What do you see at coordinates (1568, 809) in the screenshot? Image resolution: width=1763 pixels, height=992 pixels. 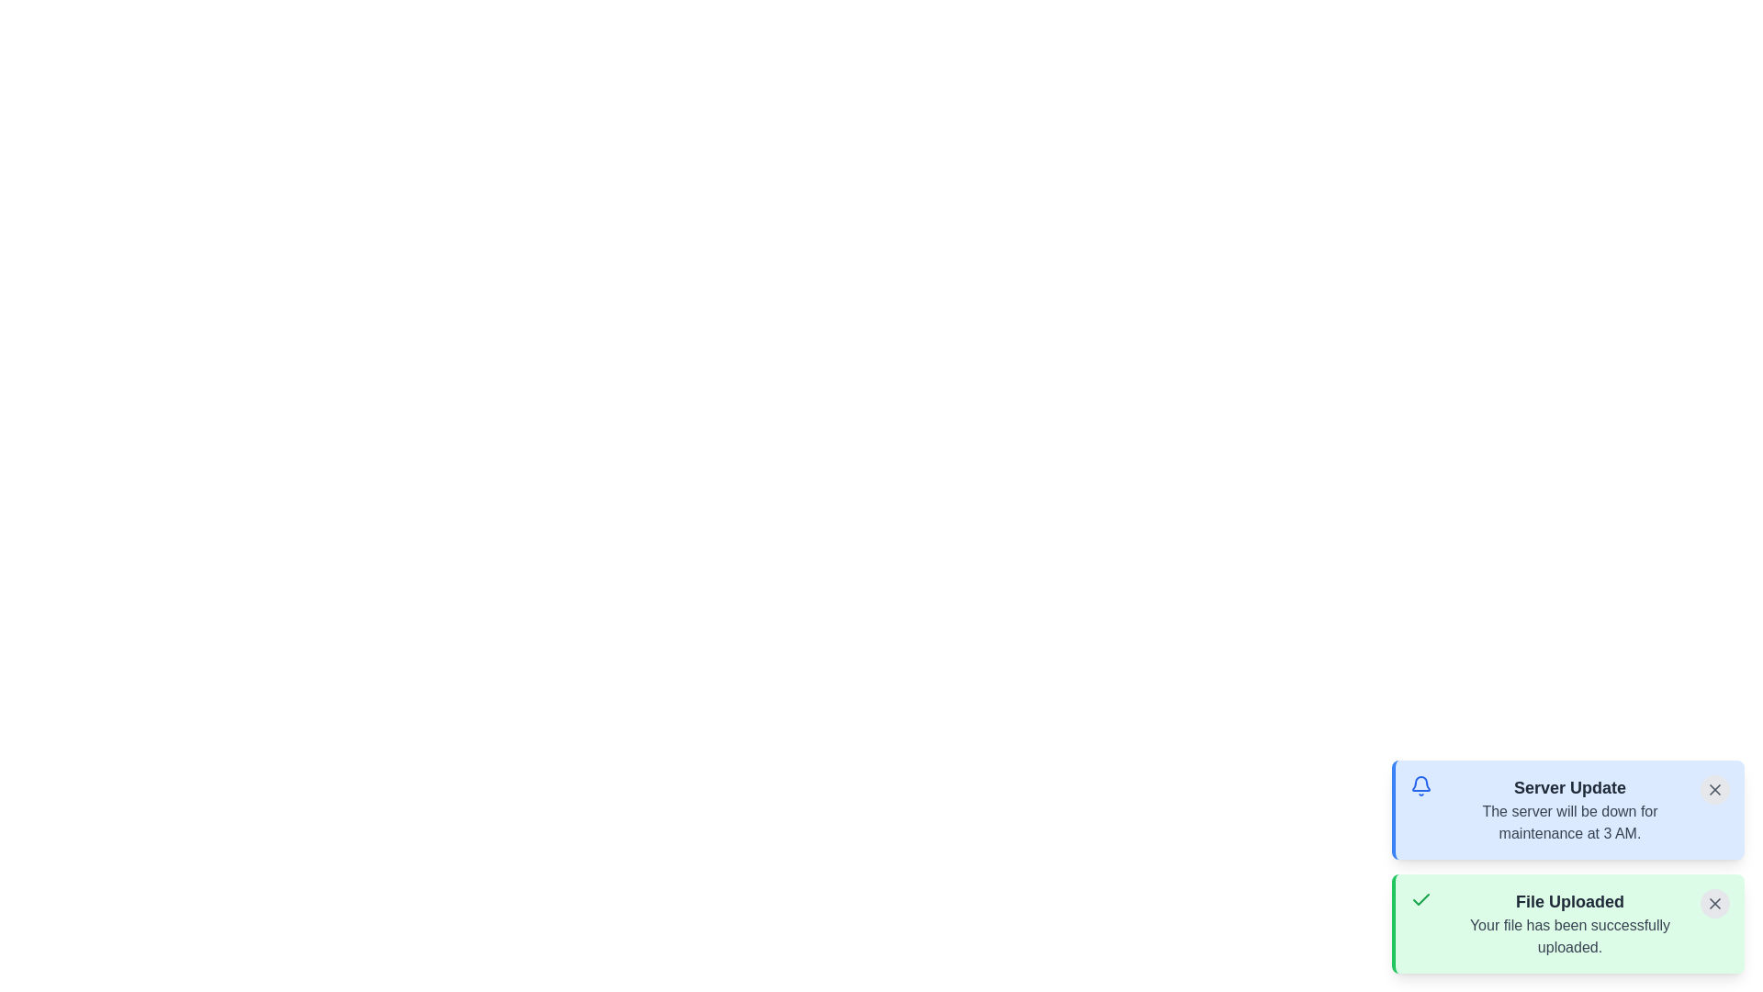 I see `the primary text block that informs users about the scheduled server maintenance event, which is aligned with the bell icon and the text 'Server Update'` at bounding box center [1568, 809].